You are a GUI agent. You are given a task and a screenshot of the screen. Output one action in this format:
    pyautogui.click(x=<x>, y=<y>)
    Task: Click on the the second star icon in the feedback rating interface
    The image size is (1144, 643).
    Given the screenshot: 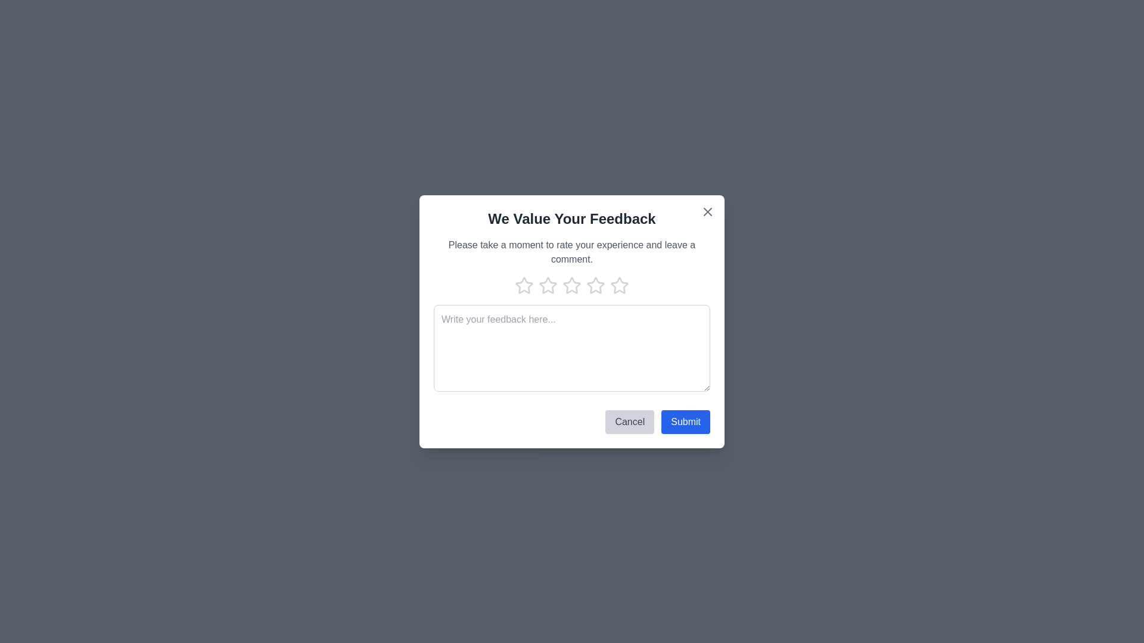 What is the action you would take?
    pyautogui.click(x=548, y=285)
    